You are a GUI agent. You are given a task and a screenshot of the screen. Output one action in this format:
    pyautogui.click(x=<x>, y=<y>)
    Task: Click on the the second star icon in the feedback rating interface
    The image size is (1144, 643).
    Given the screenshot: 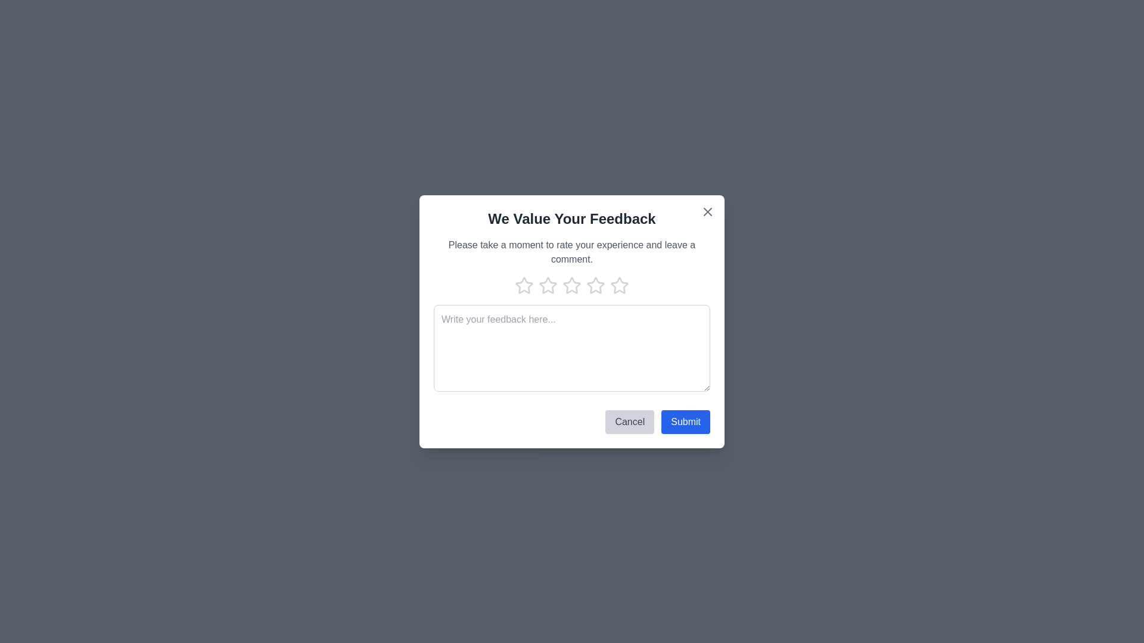 What is the action you would take?
    pyautogui.click(x=548, y=285)
    